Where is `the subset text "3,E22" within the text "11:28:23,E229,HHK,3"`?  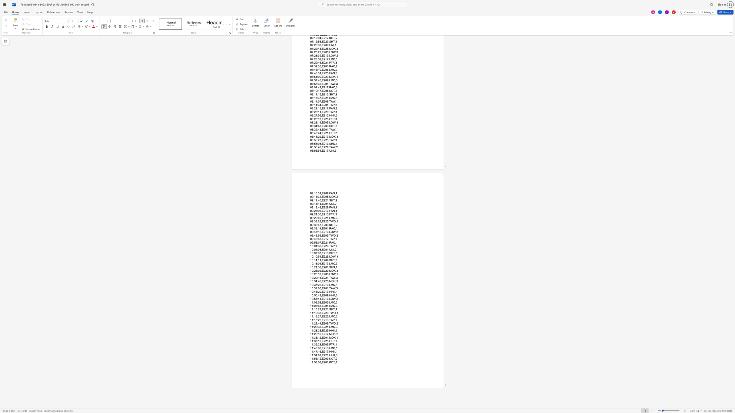
the subset text "3,E22" within the text "11:28:23,E229,HHK,3" is located at coordinates (319, 330).